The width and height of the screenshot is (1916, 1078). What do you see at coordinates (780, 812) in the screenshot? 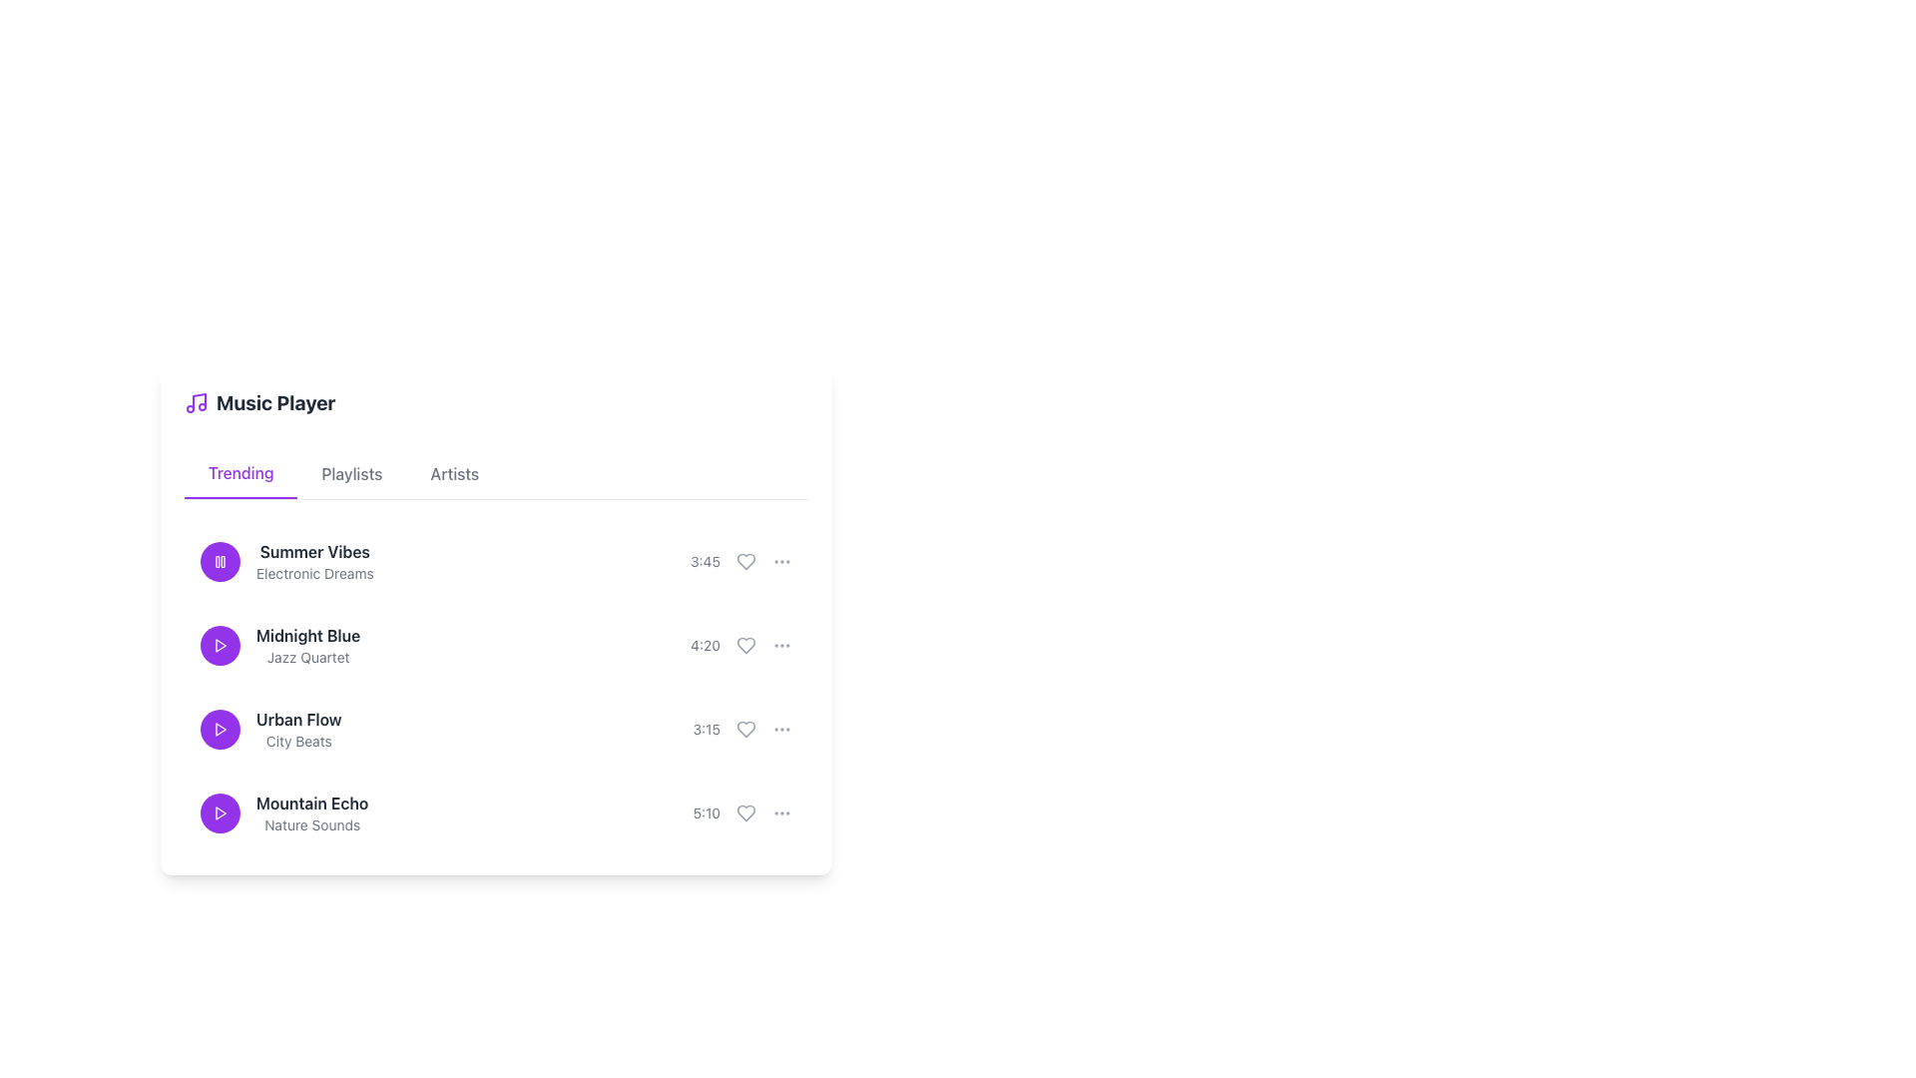
I see `the gray icon button with three horizontally aligned dots` at bounding box center [780, 812].